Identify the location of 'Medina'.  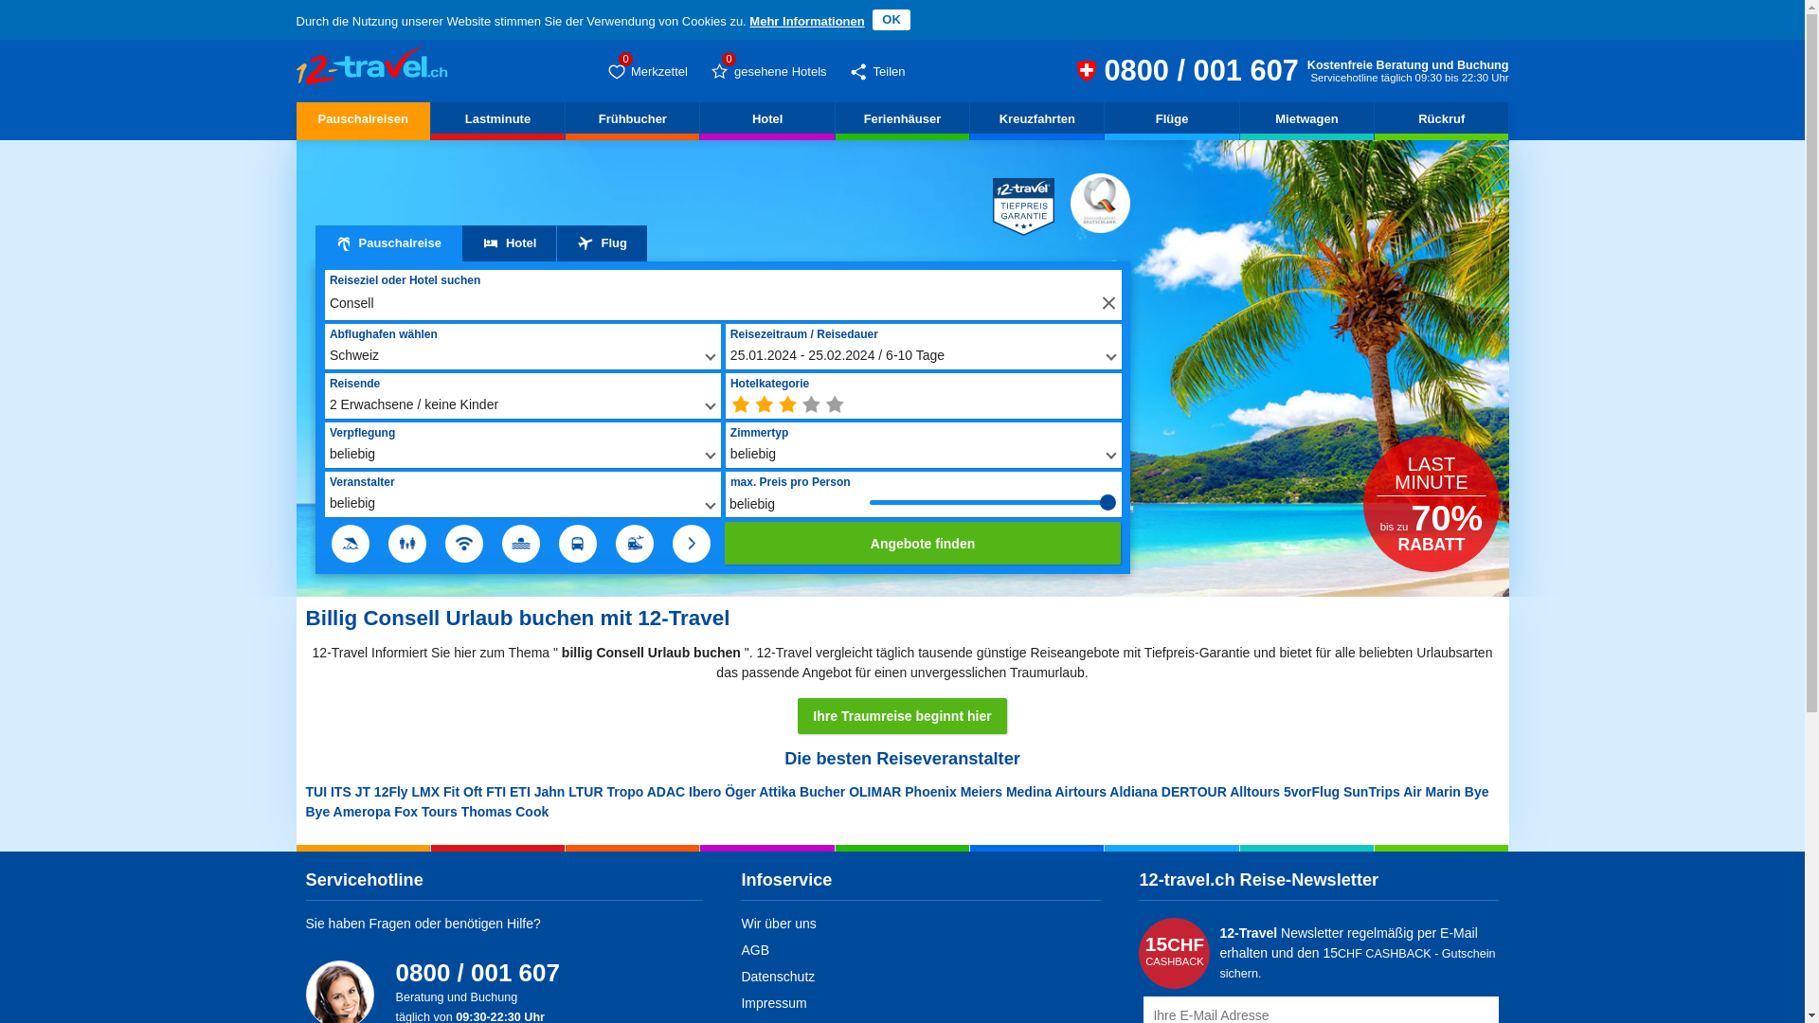
(1004, 792).